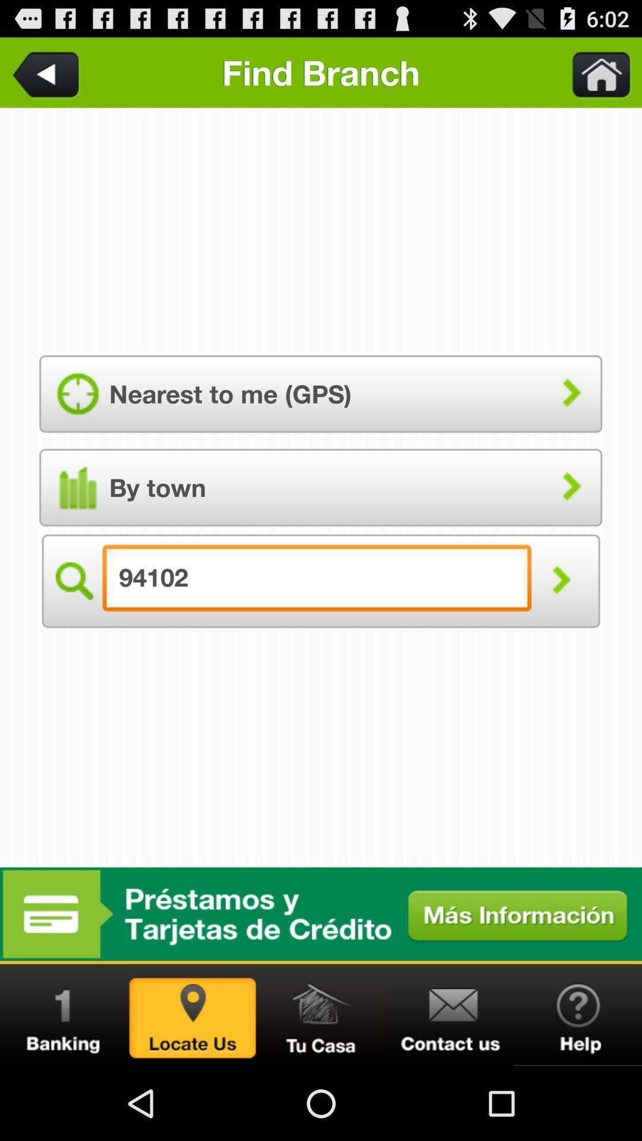 The width and height of the screenshot is (642, 1141). I want to click on go back, so click(48, 72).